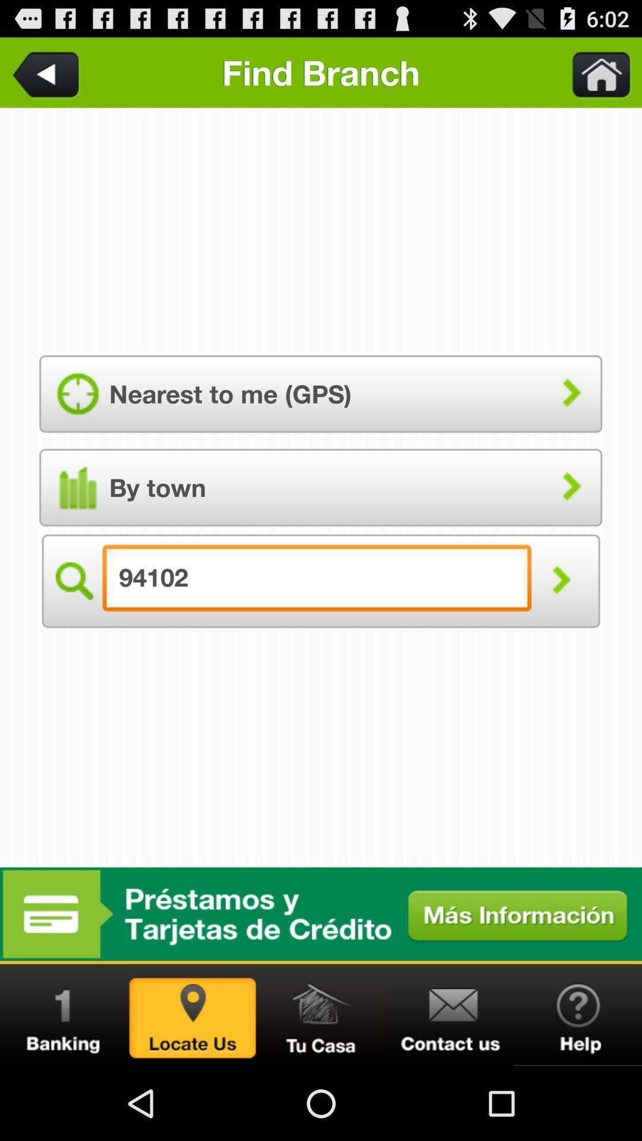 The width and height of the screenshot is (642, 1141). I want to click on go back, so click(48, 72).